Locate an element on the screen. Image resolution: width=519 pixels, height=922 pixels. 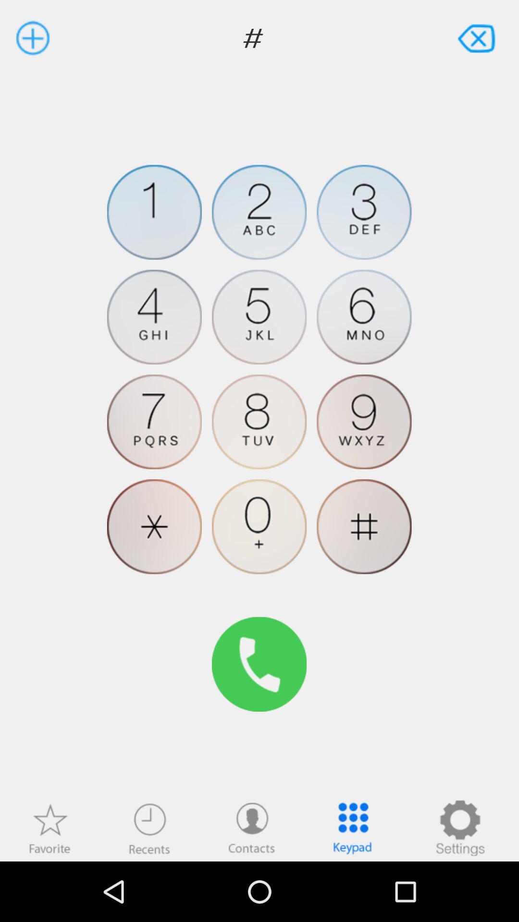
number nine is located at coordinates (364, 422).